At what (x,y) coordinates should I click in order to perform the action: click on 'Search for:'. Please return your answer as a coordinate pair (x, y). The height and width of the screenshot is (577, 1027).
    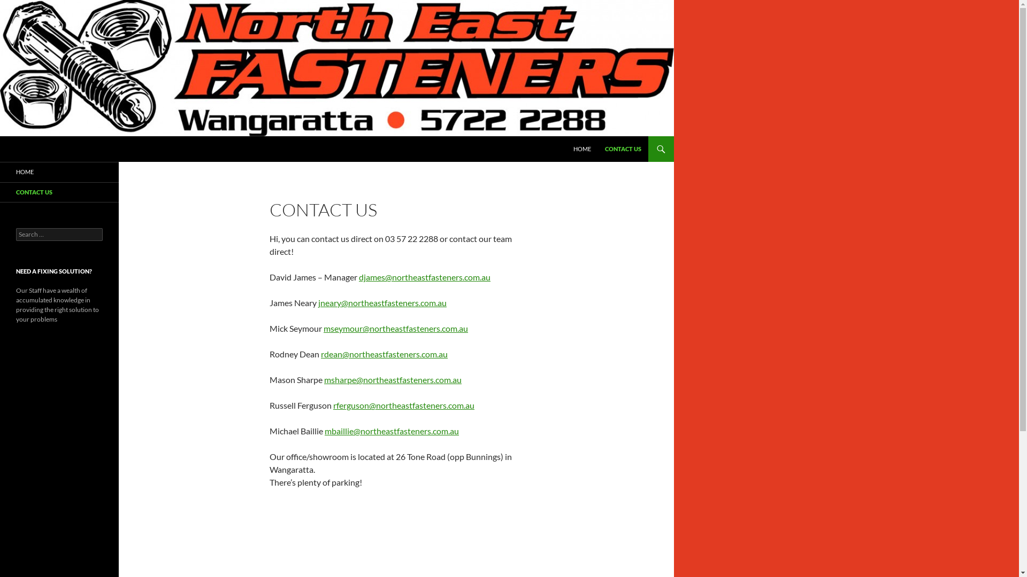
    Looking at the image, I should click on (58, 234).